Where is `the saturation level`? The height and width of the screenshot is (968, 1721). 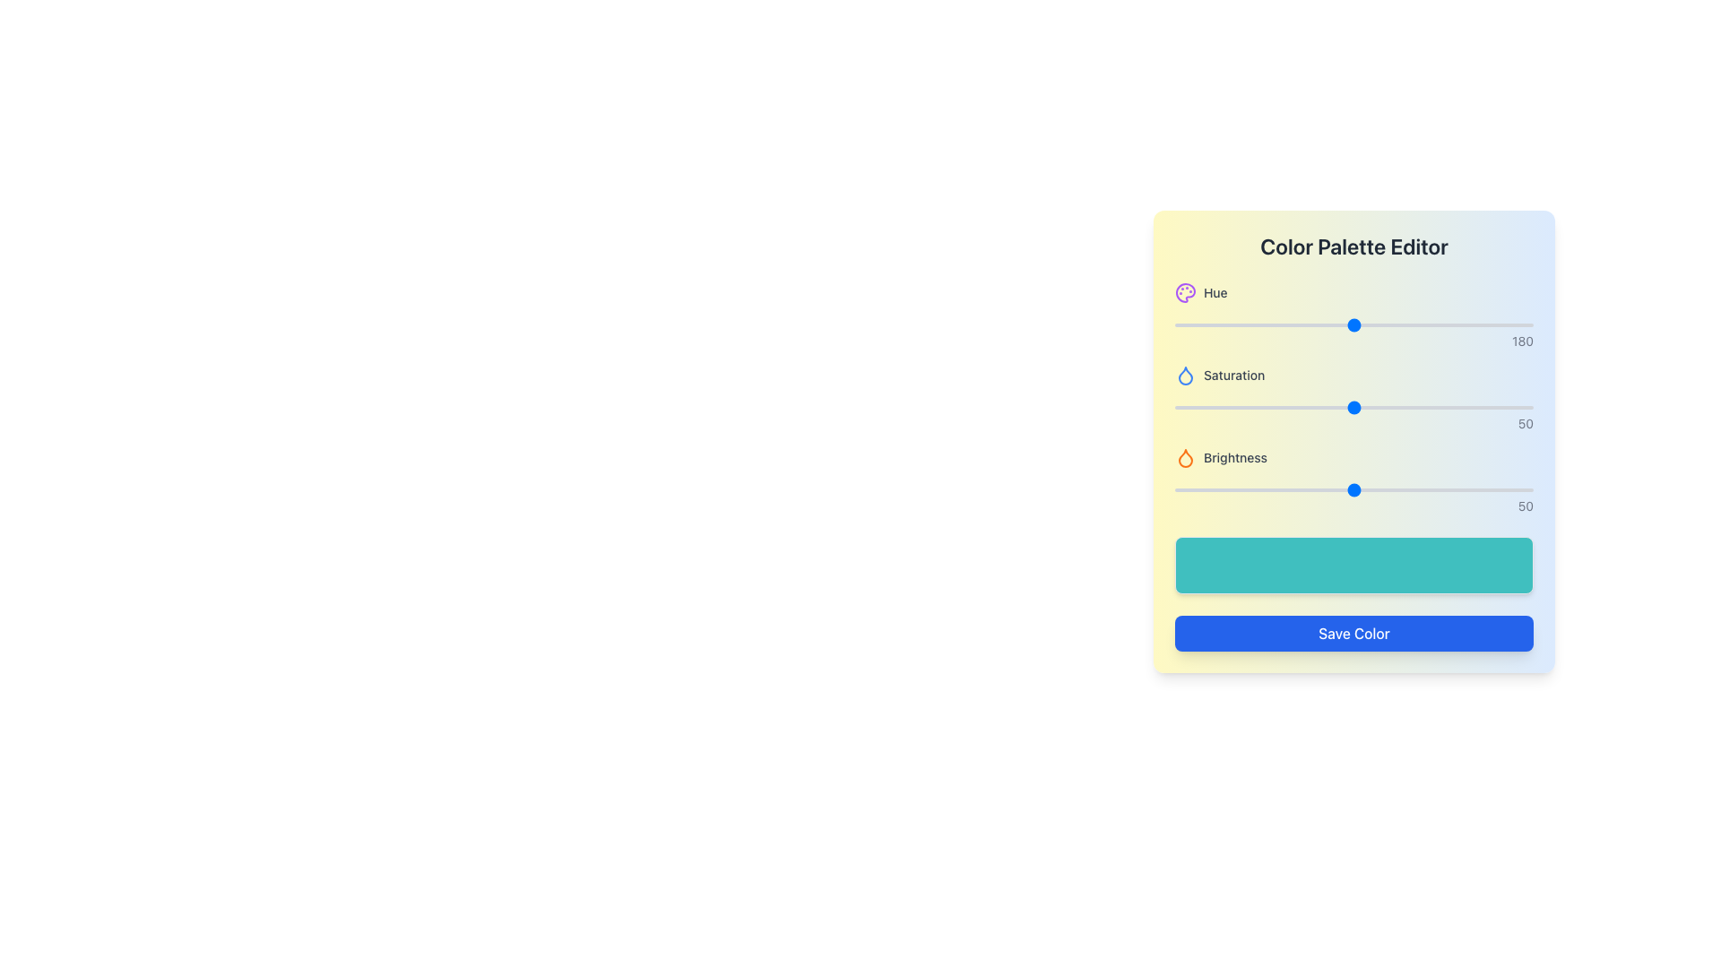
the saturation level is located at coordinates (1514, 408).